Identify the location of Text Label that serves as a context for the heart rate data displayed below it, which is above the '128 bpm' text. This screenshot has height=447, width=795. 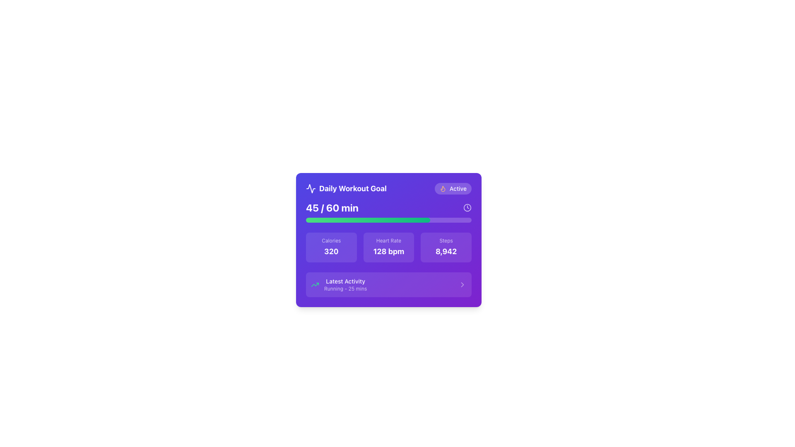
(388, 241).